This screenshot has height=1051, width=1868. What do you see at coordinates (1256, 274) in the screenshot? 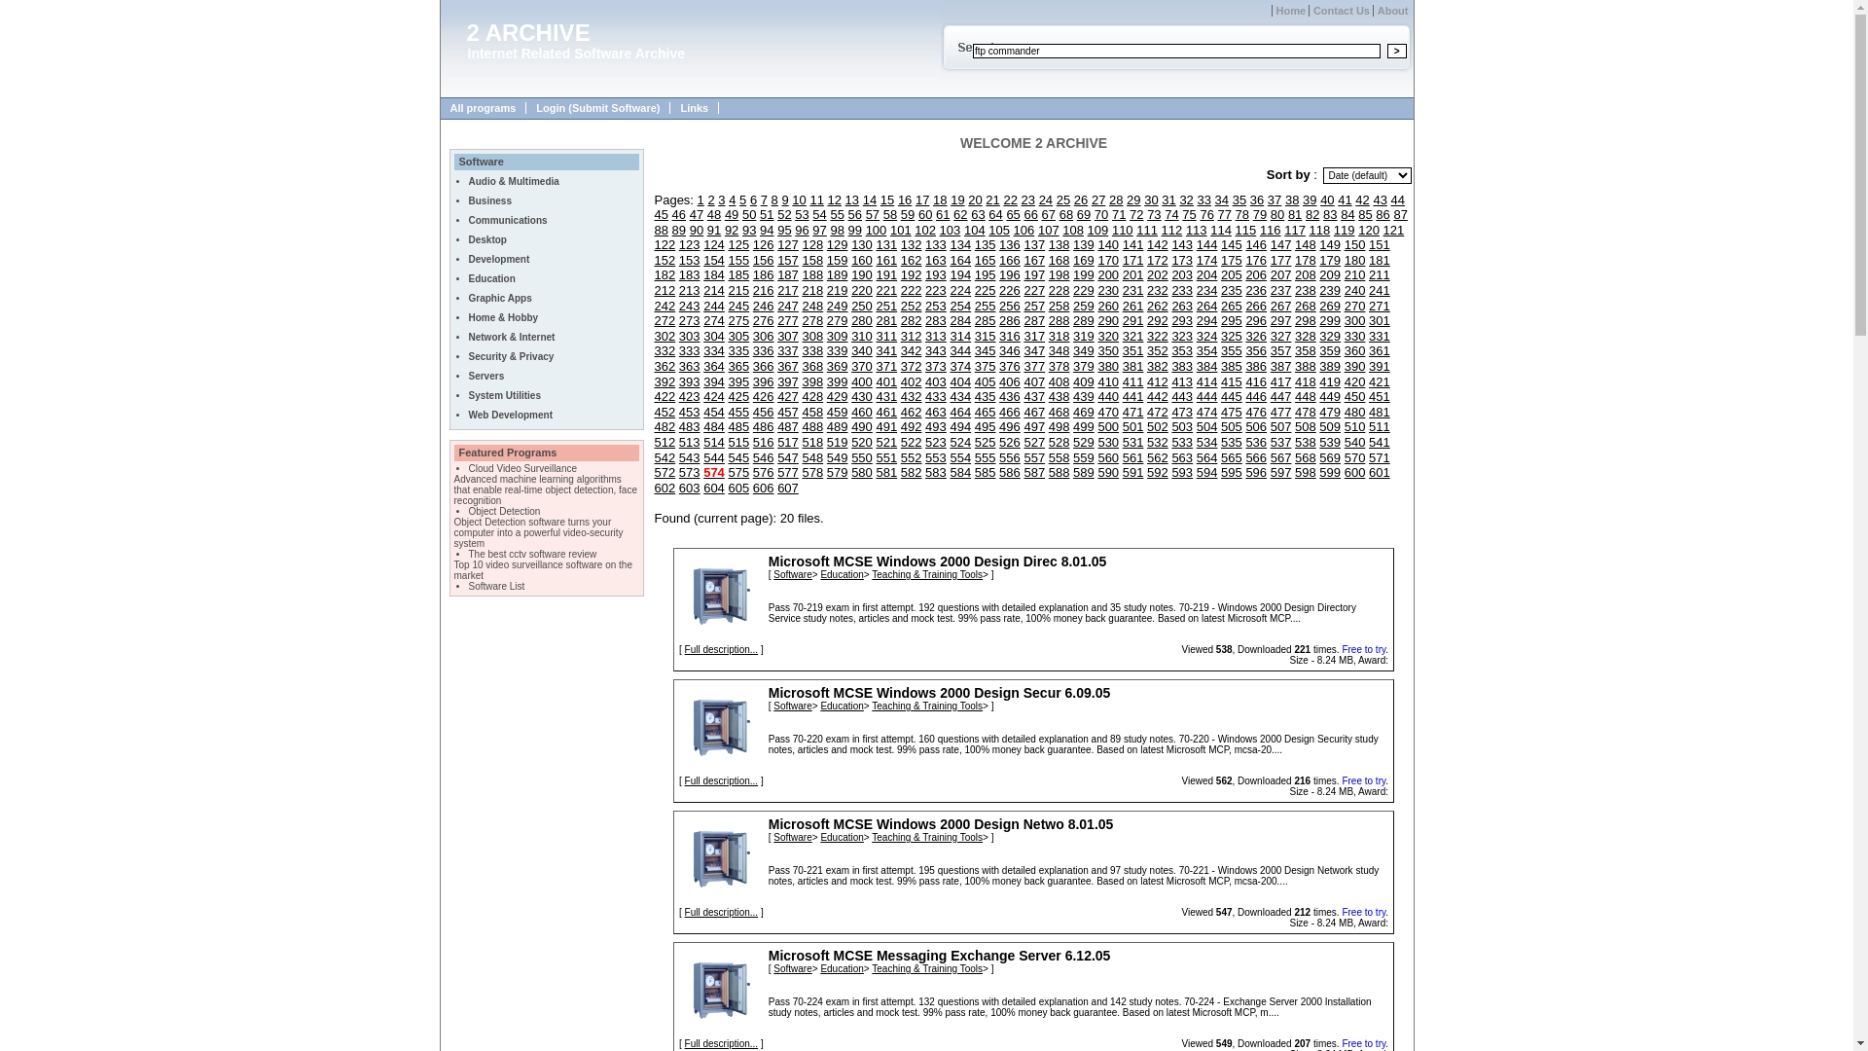
I see `'206'` at bounding box center [1256, 274].